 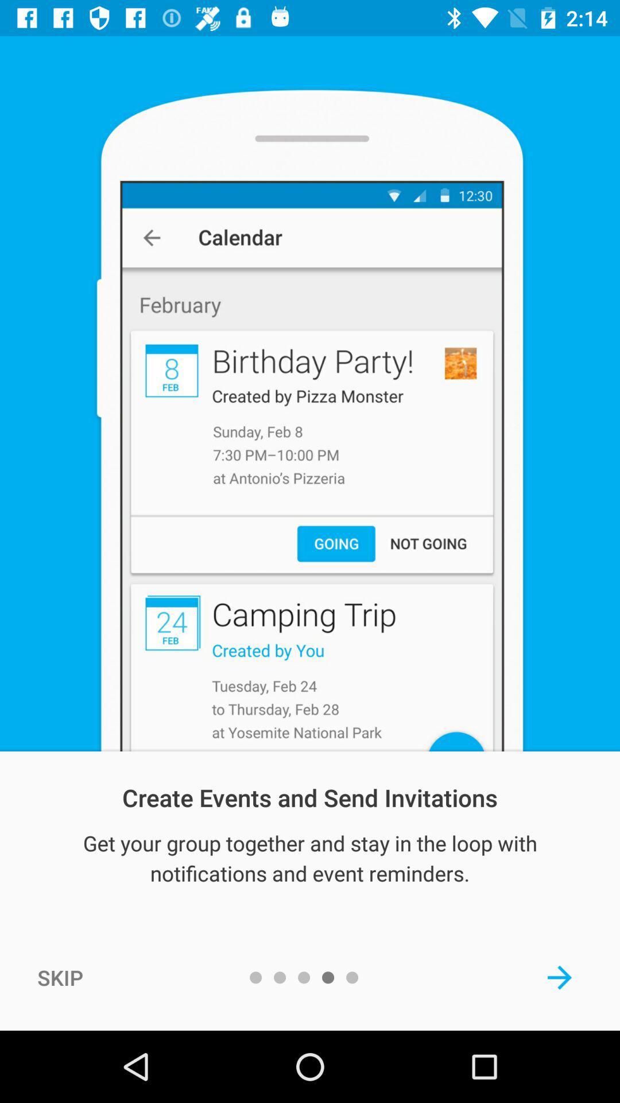 What do you see at coordinates (559, 977) in the screenshot?
I see `forward button` at bounding box center [559, 977].